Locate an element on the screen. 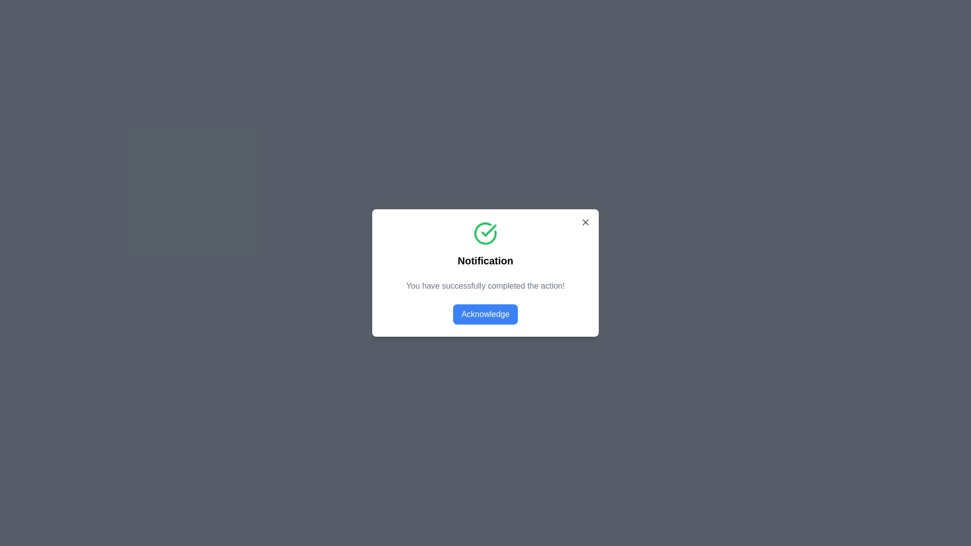 This screenshot has width=971, height=546. the green circular success icon located above the 'Notification' text in the success modal popup is located at coordinates (489, 230).